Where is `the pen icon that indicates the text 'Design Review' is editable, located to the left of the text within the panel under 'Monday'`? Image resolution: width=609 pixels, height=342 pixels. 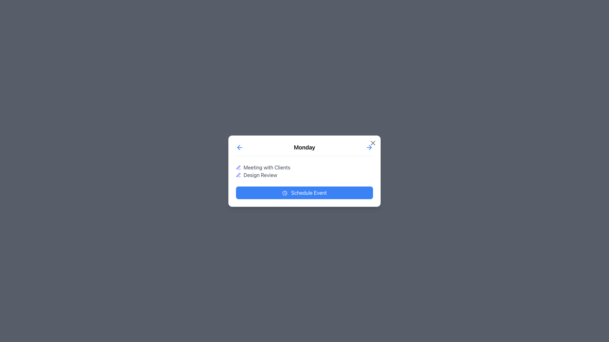
the pen icon that indicates the text 'Design Review' is editable, located to the left of the text within the panel under 'Monday' is located at coordinates (238, 175).